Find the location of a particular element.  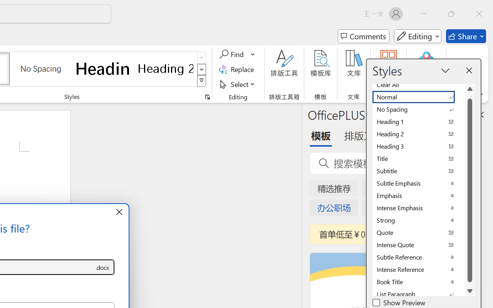

'Styles...' is located at coordinates (207, 97).